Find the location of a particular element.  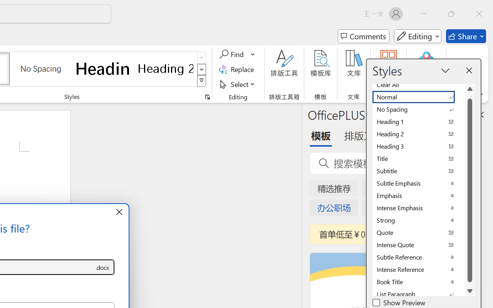

'Styles...' is located at coordinates (207, 97).